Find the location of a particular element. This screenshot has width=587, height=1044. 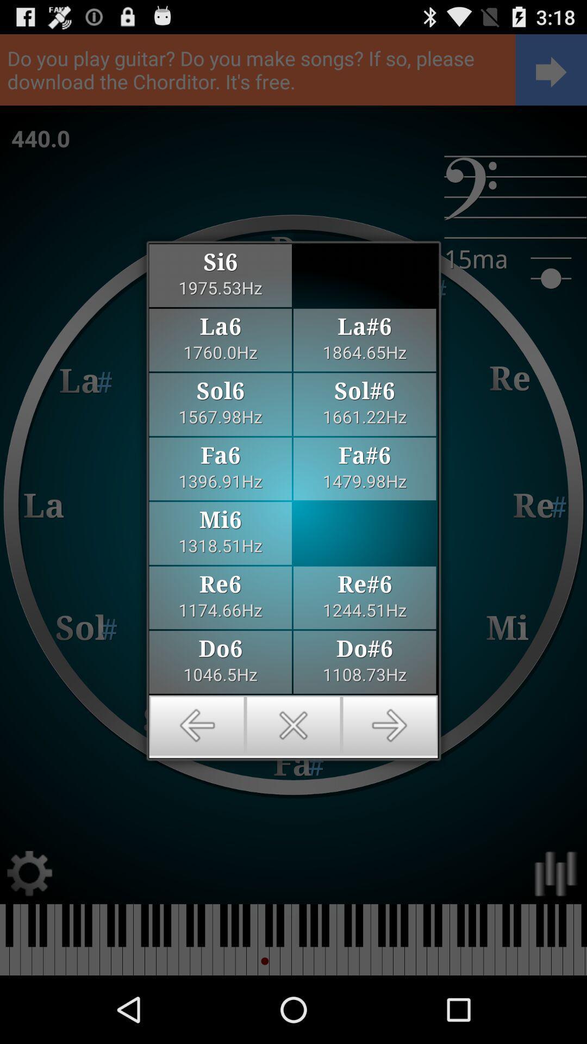

next is located at coordinates (389, 725).